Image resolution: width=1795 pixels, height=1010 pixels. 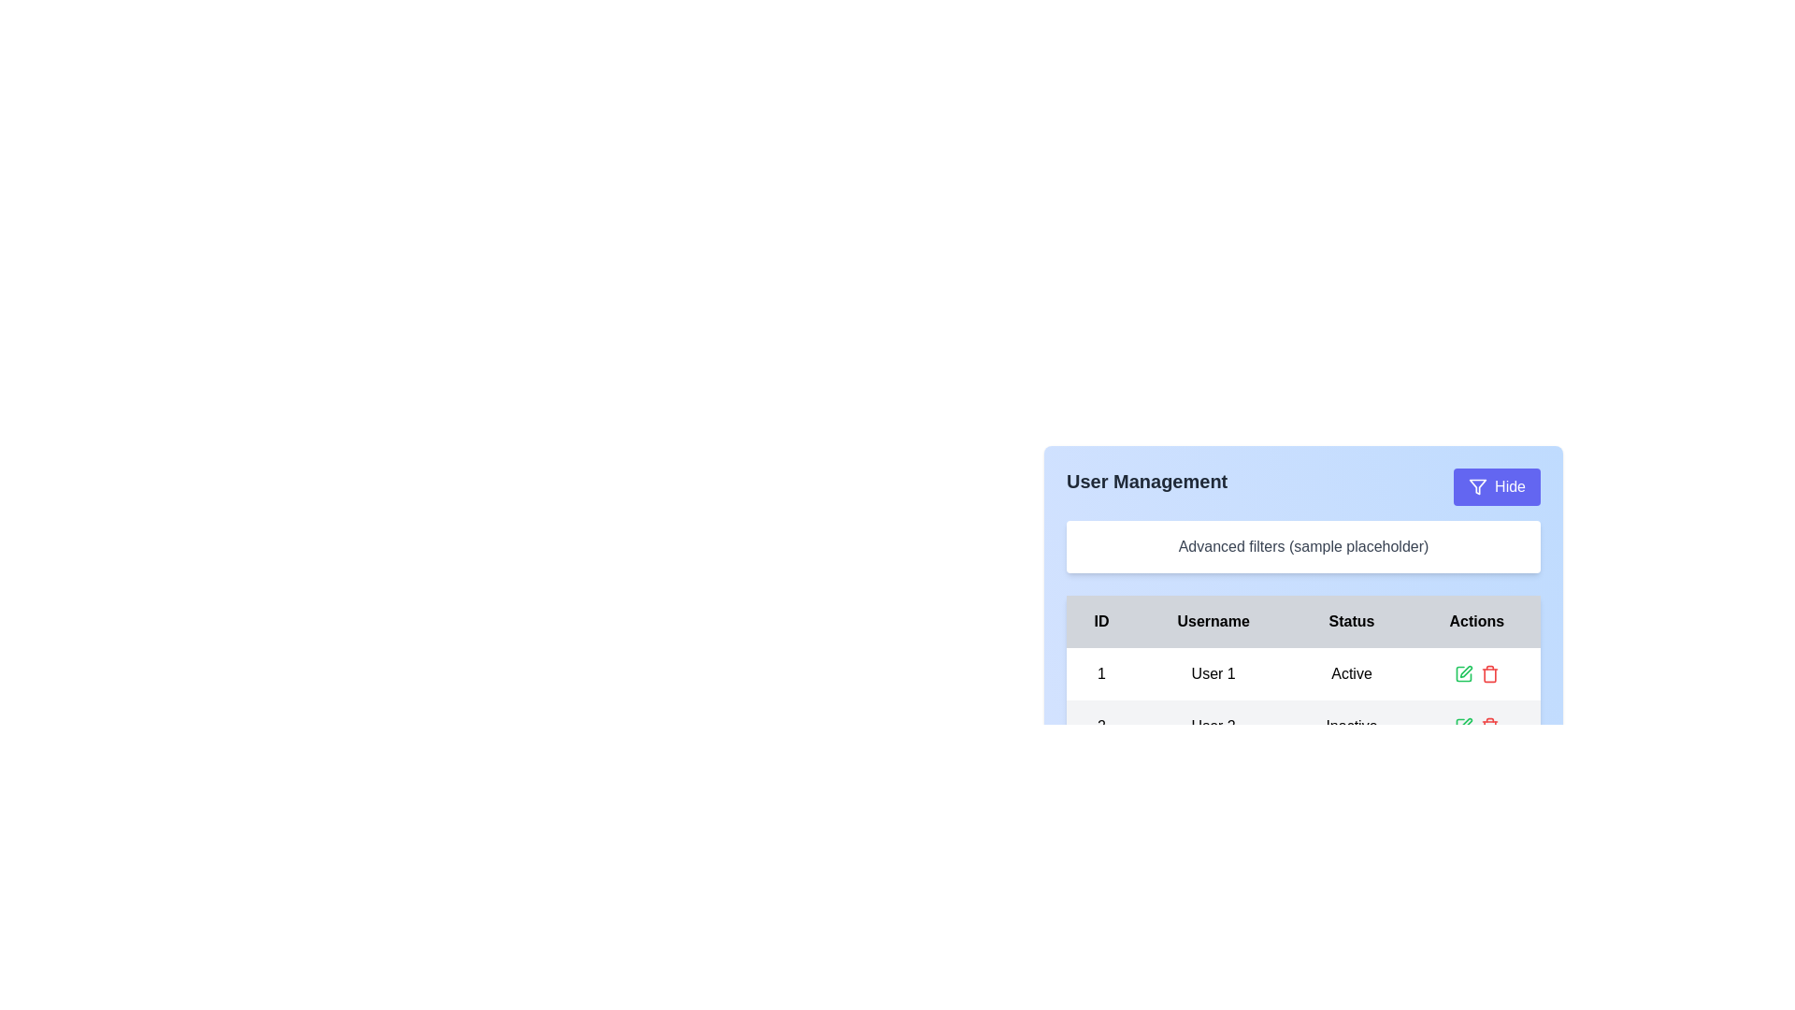 I want to click on the delete button icon, which is the third interactive element, so click(x=1488, y=674).